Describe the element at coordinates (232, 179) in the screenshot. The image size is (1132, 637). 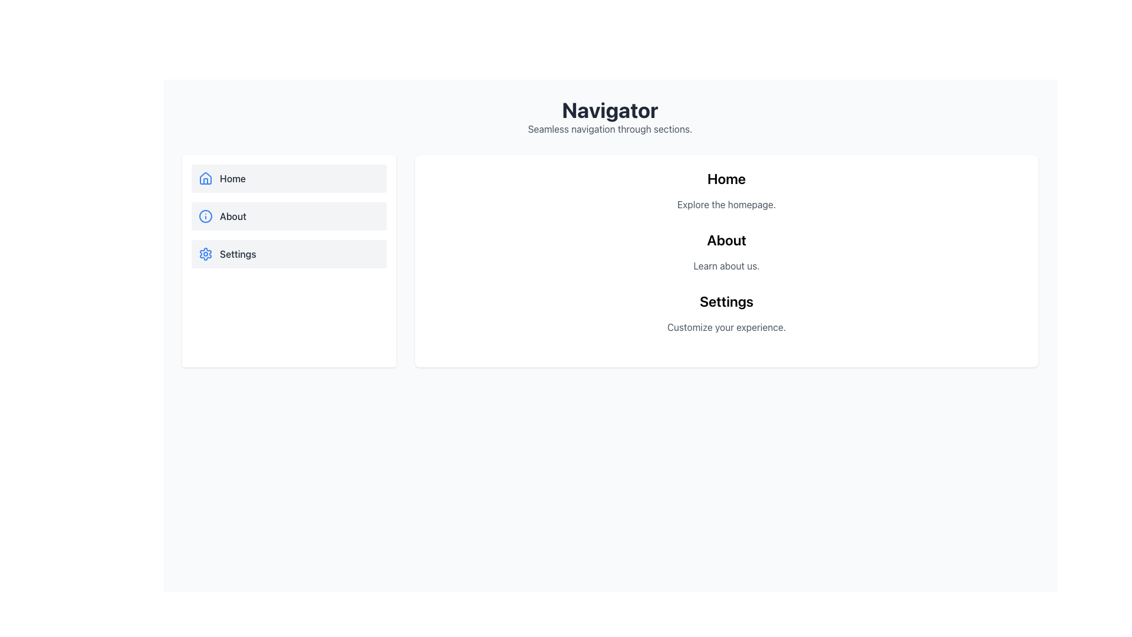
I see `the 'Home' text label located beneath the 'Navigator' title in the vertical navigation bar` at that location.